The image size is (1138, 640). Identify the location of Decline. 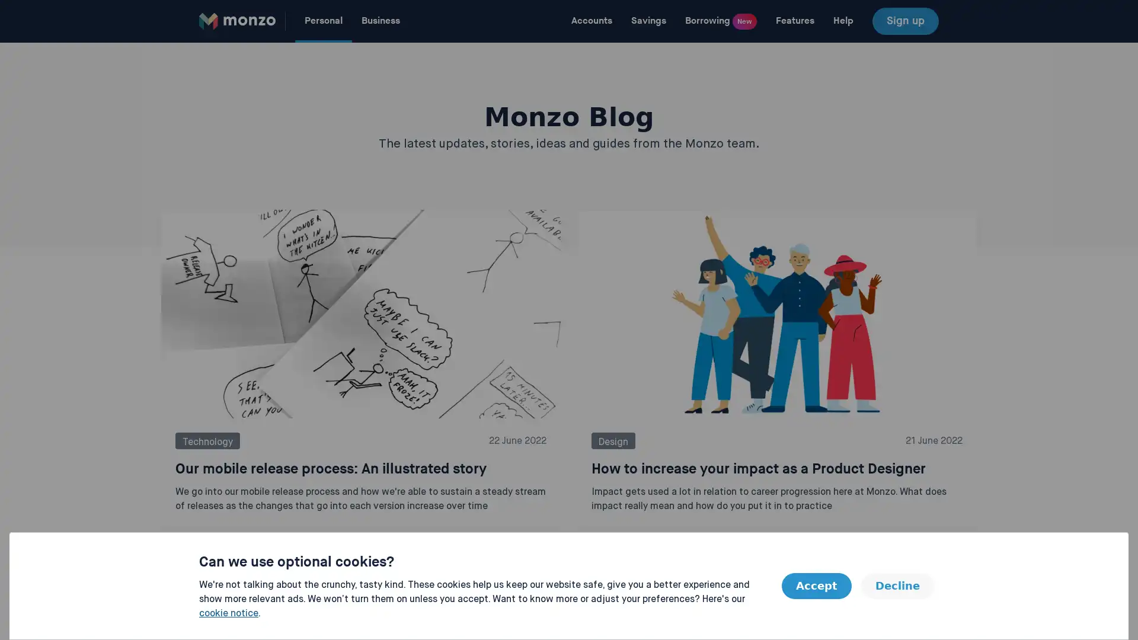
(897, 585).